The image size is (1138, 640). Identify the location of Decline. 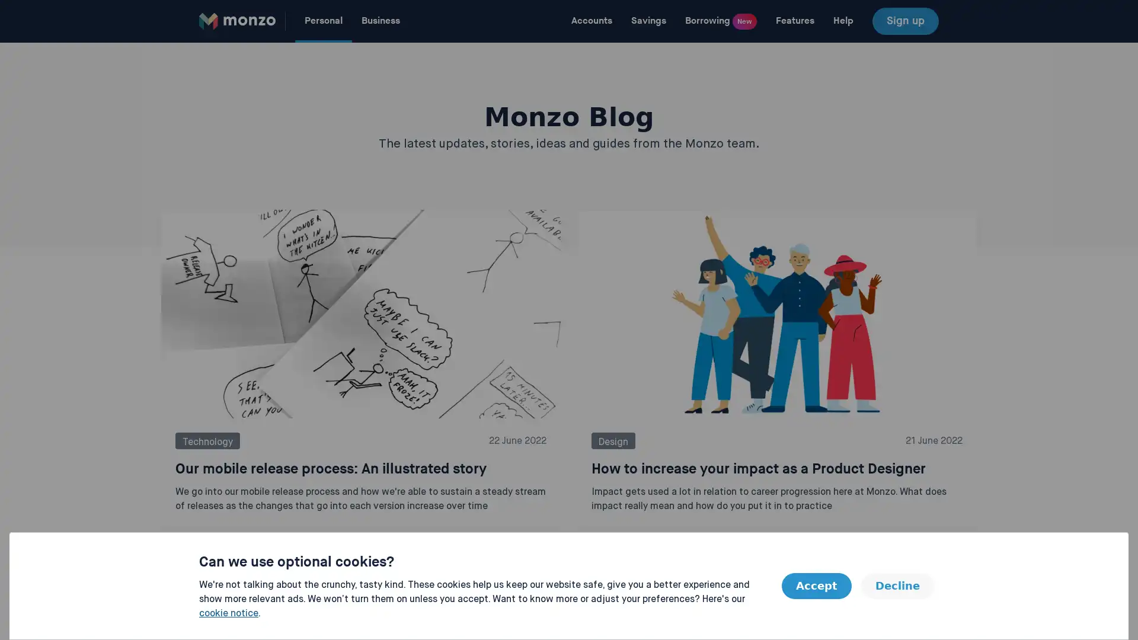
(897, 585).